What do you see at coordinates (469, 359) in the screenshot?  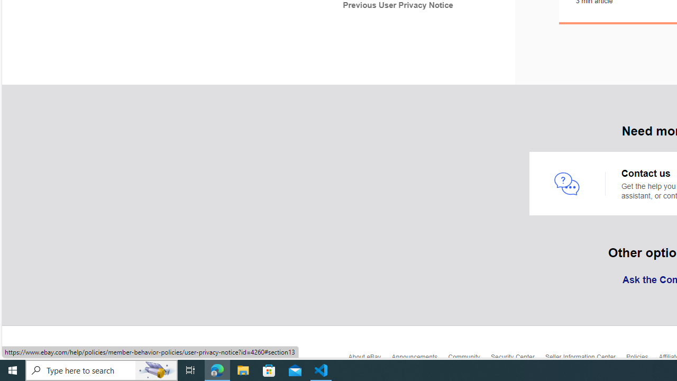 I see `'Community'` at bounding box center [469, 359].